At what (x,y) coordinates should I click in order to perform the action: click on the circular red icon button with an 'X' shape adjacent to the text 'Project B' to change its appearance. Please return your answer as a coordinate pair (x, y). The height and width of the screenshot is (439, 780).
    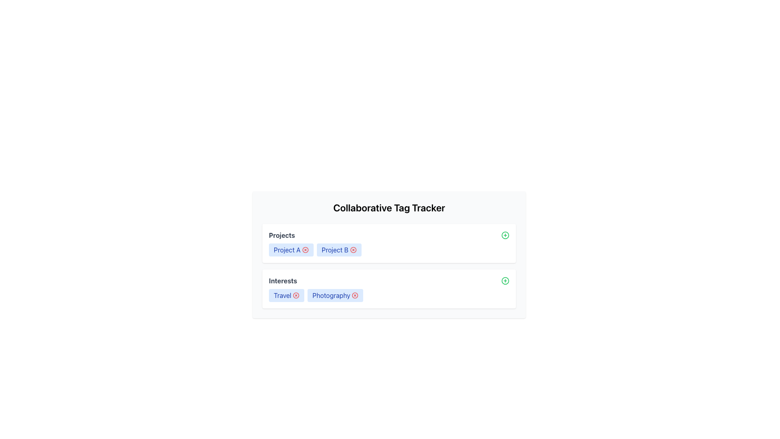
    Looking at the image, I should click on (353, 249).